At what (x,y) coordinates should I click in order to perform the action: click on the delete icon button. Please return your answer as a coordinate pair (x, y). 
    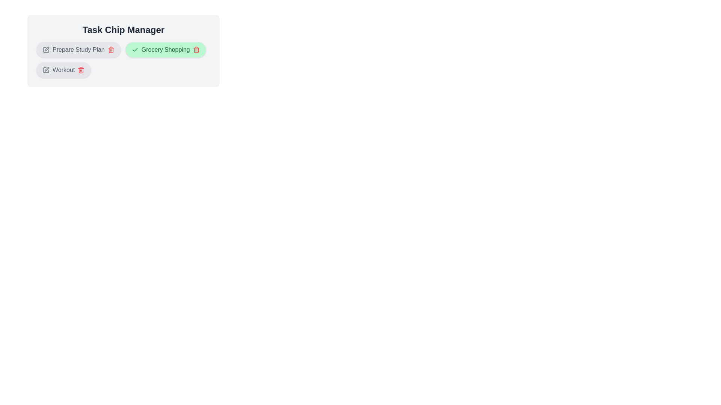
    Looking at the image, I should click on (110, 49).